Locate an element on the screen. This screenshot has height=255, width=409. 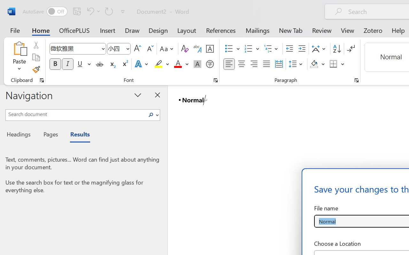
'Character Shading' is located at coordinates (197, 64).